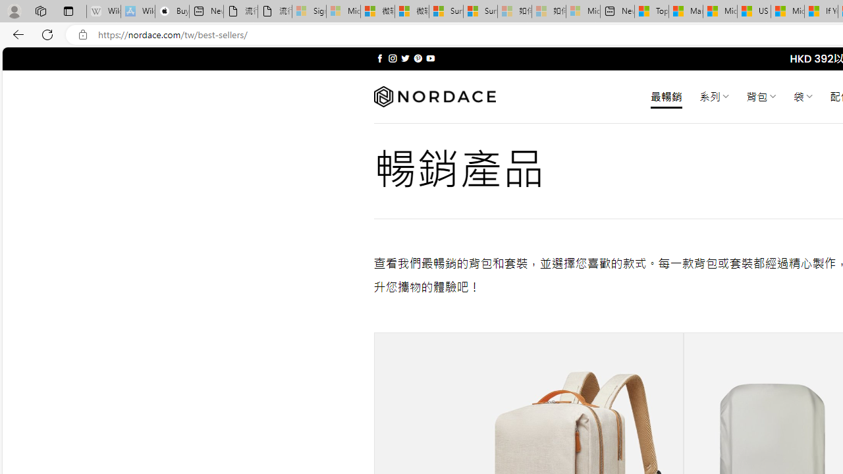 The height and width of the screenshot is (474, 843). Describe the element at coordinates (430, 58) in the screenshot. I see `'Follow on YouTube'` at that location.